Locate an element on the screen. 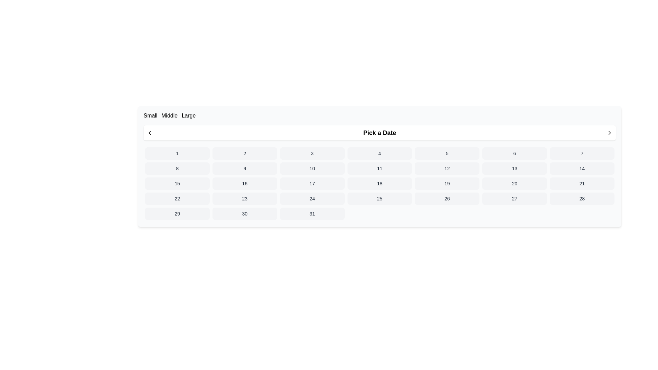 The height and width of the screenshot is (370, 658). the button displaying '18' with a light gray background and dark gray text is located at coordinates (379, 183).